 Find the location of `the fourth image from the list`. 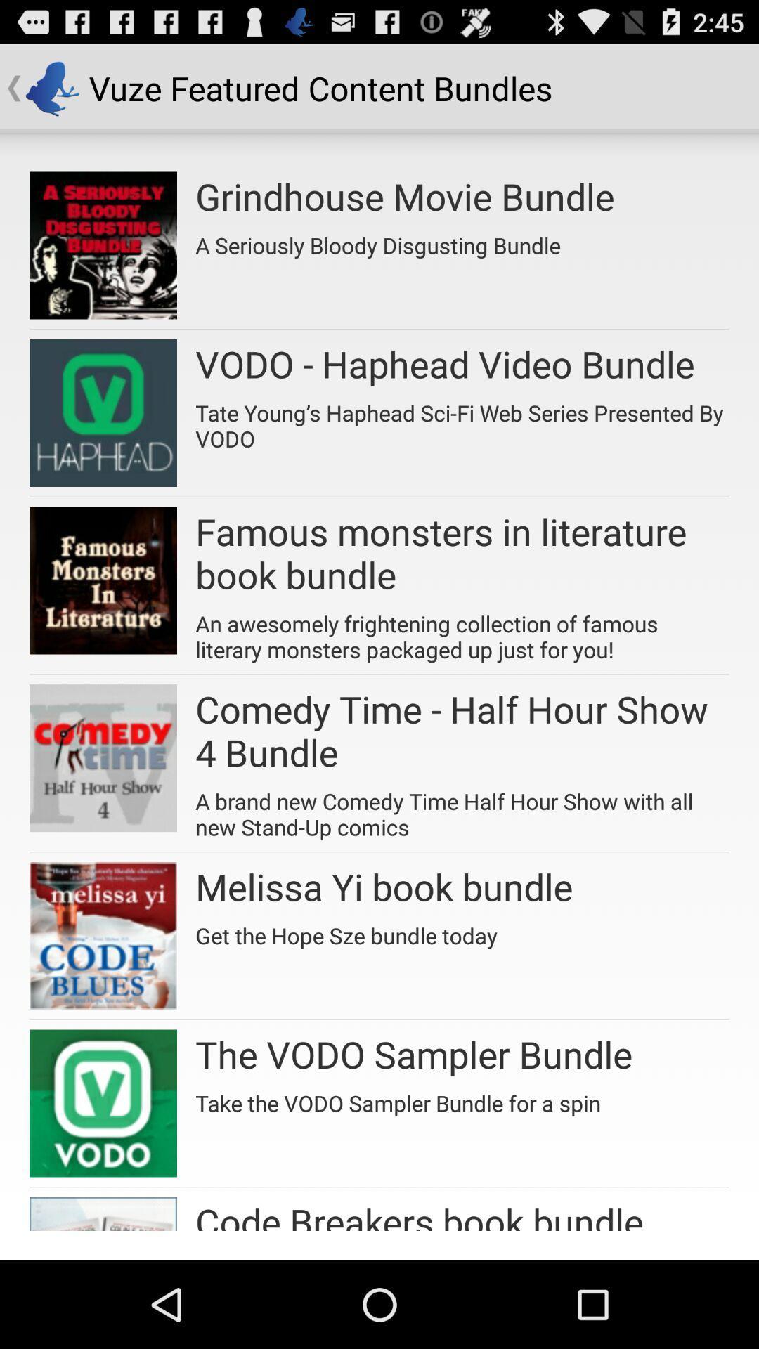

the fourth image from the list is located at coordinates (102, 757).